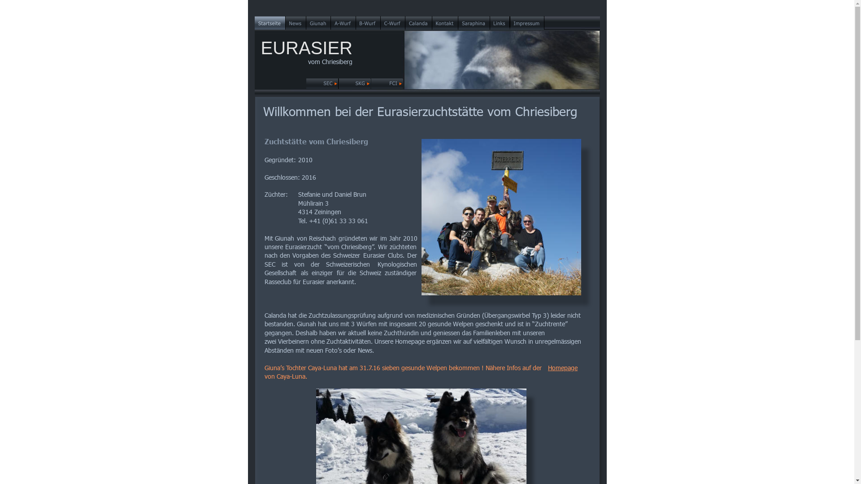 Image resolution: width=861 pixels, height=484 pixels. What do you see at coordinates (562, 367) in the screenshot?
I see `'Homepage'` at bounding box center [562, 367].